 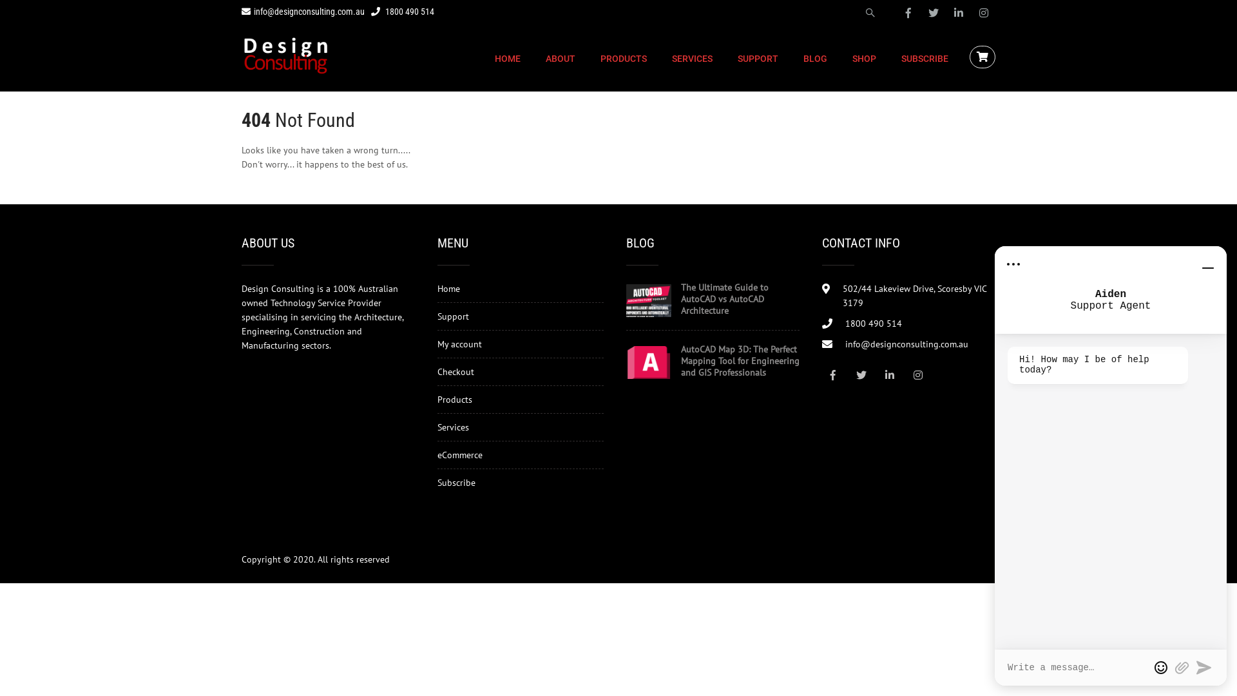 I want to click on 'Products', so click(x=454, y=399).